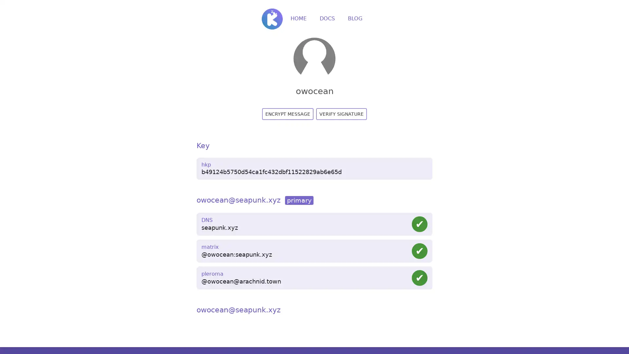 The width and height of the screenshot is (629, 354). I want to click on VERIFY SIGNATURE, so click(341, 113).